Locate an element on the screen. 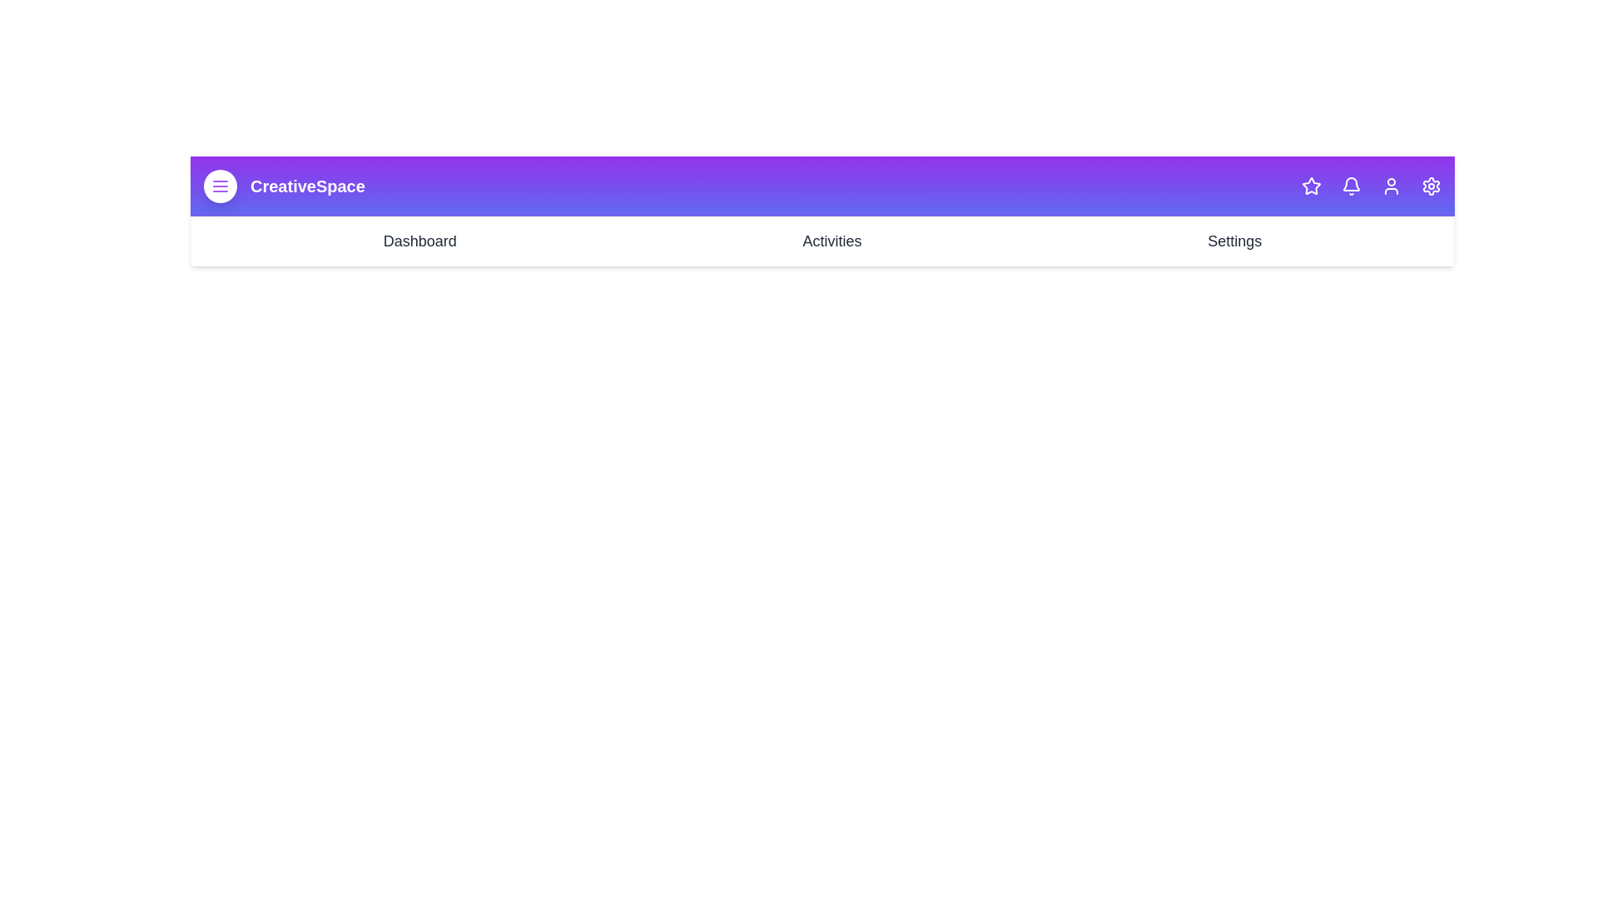 The width and height of the screenshot is (1598, 899). the bell icon to trigger its associated functionality is located at coordinates (1351, 186).